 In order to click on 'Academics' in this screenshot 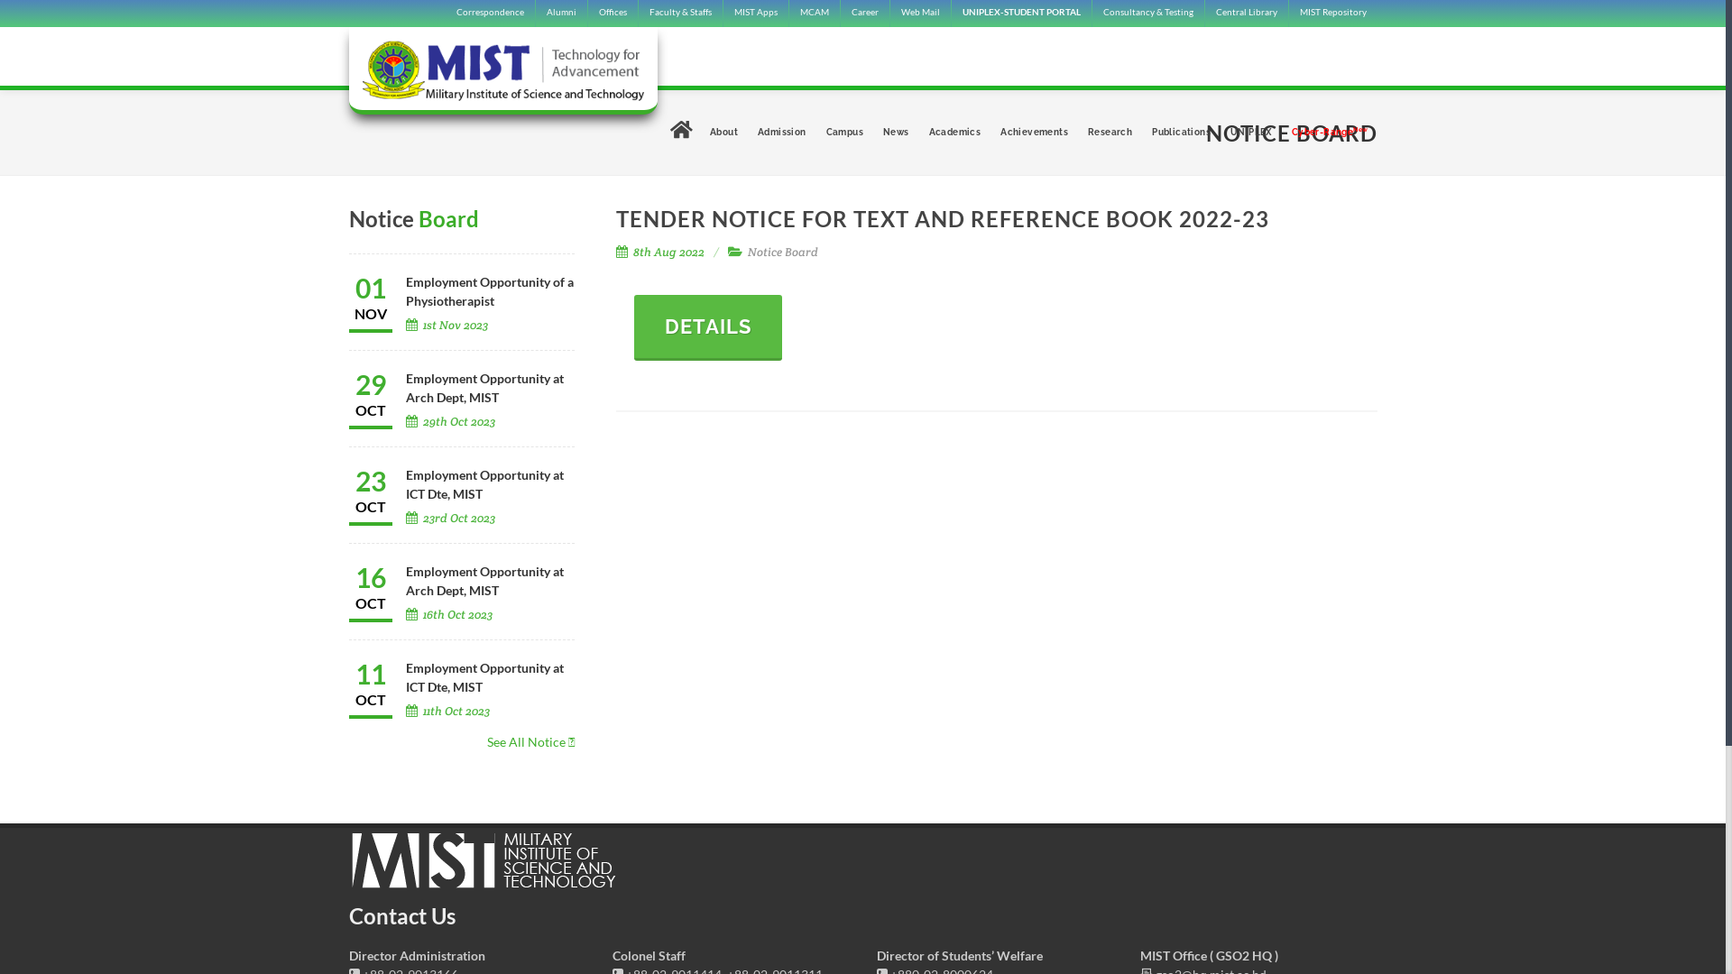, I will do `click(954, 131)`.